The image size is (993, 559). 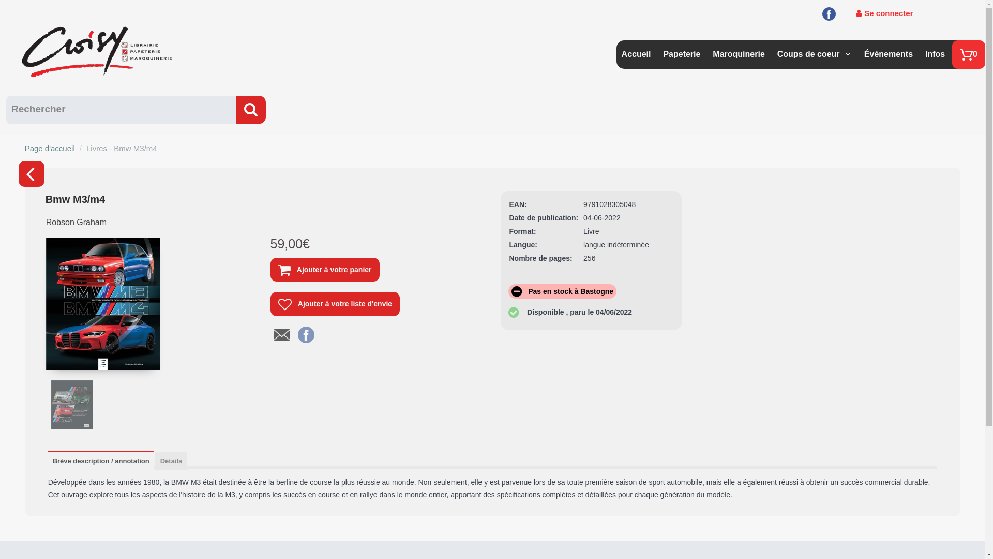 I want to click on 'Se connecter', so click(x=856, y=13).